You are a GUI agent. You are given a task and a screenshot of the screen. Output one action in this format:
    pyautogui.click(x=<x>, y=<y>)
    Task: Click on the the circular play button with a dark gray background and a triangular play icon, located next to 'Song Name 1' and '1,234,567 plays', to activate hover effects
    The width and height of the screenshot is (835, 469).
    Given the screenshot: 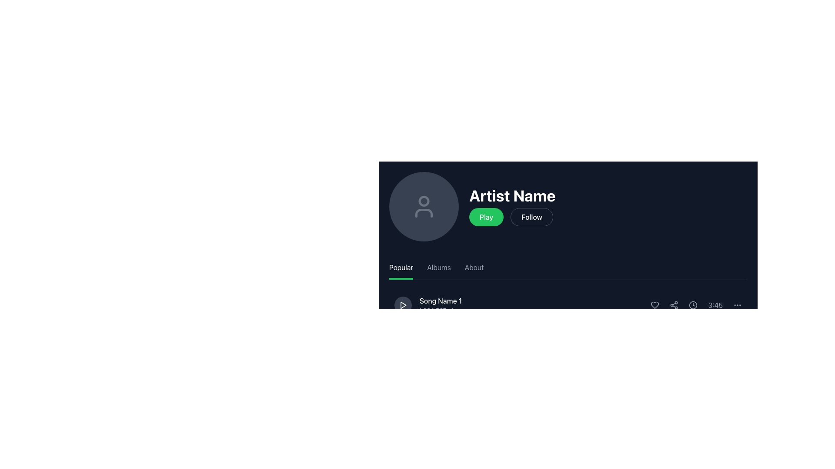 What is the action you would take?
    pyautogui.click(x=402, y=304)
    